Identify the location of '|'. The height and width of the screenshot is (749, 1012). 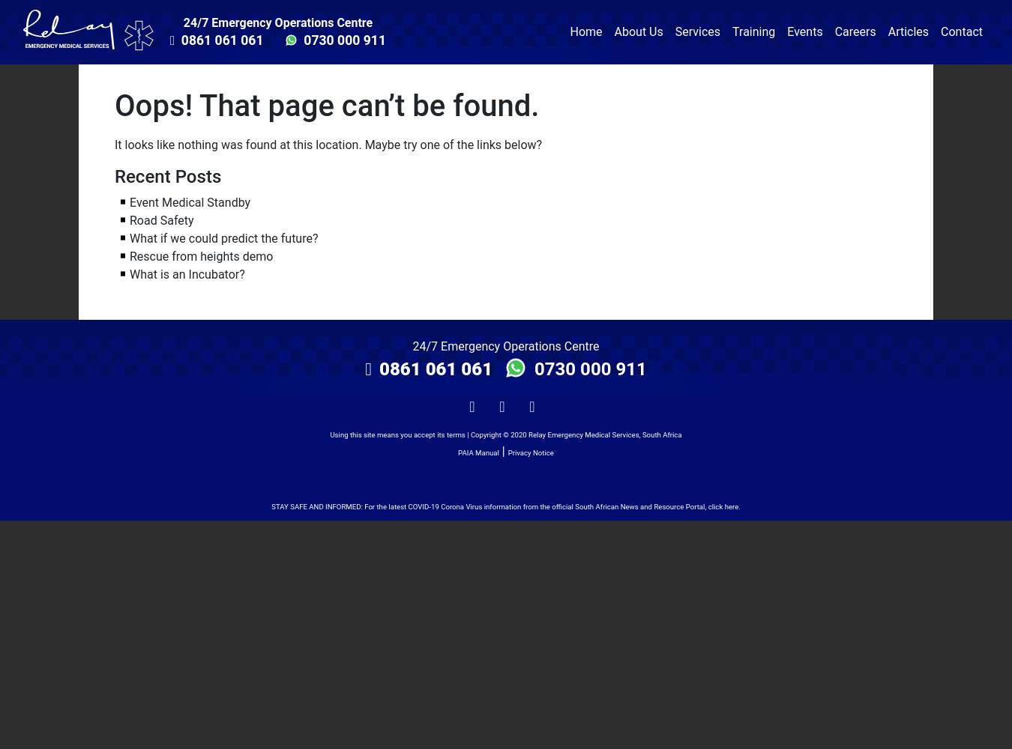
(502, 449).